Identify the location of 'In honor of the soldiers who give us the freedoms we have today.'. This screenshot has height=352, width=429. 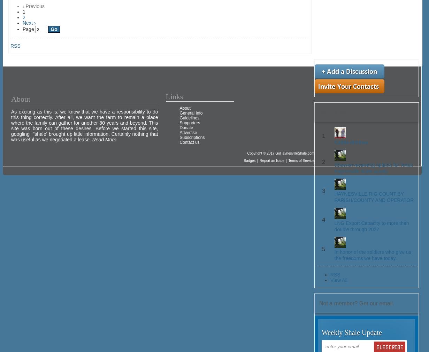
(334, 255).